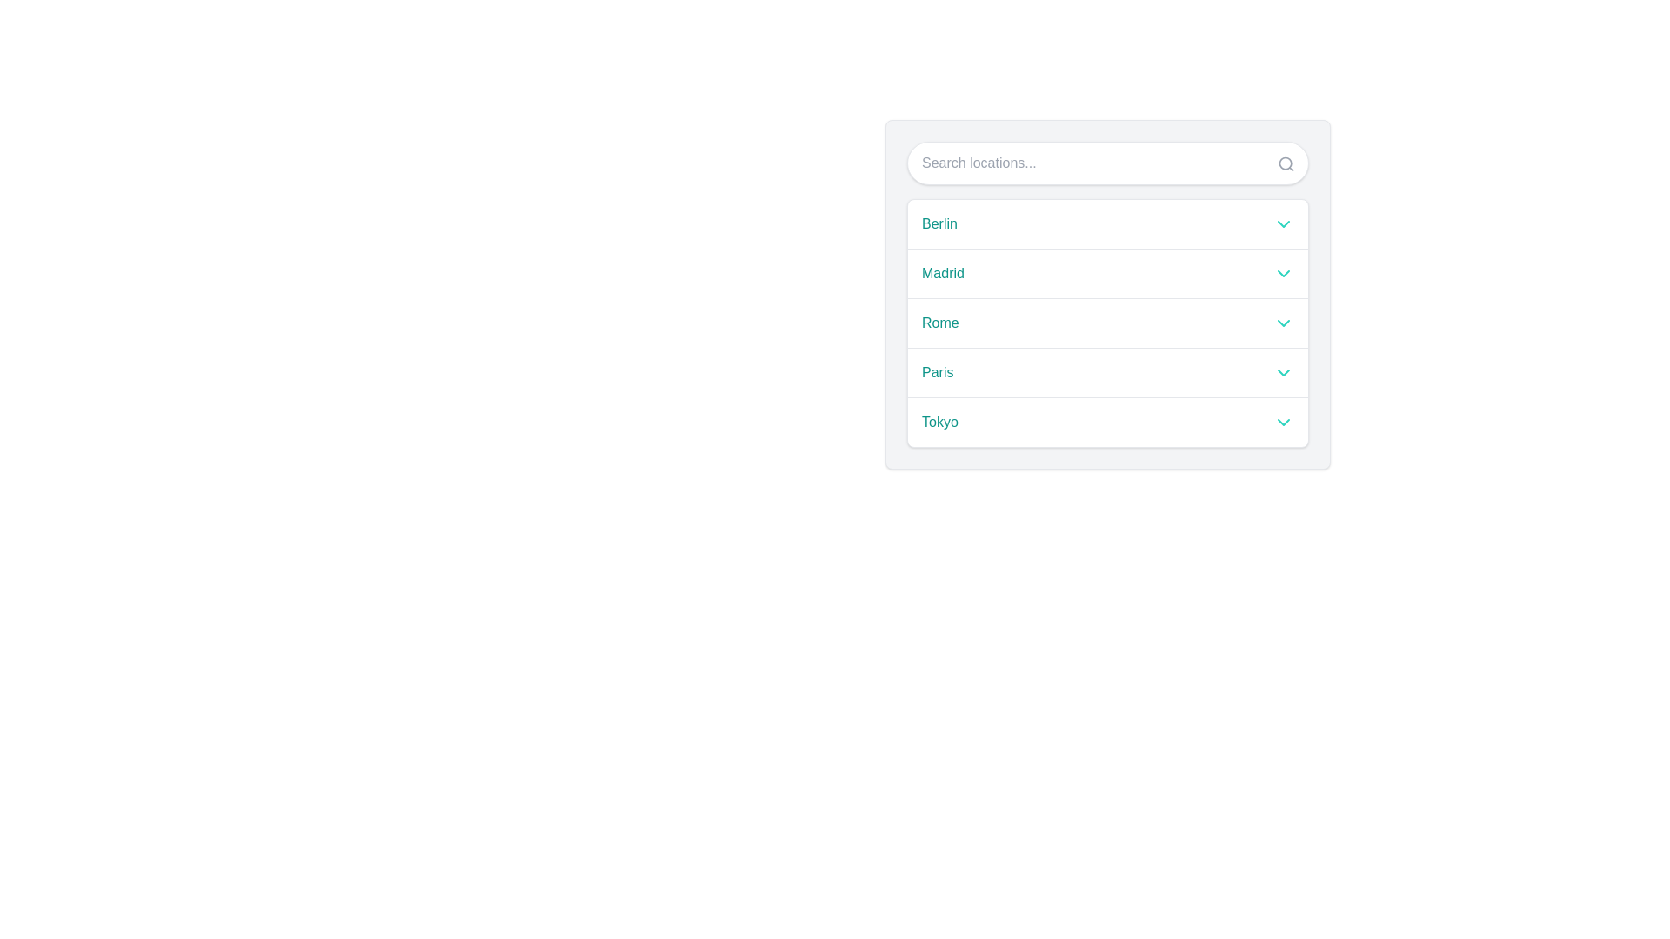 The image size is (1670, 939). I want to click on the selectable option 'Paris' in the dropdown list, so click(1106, 371).